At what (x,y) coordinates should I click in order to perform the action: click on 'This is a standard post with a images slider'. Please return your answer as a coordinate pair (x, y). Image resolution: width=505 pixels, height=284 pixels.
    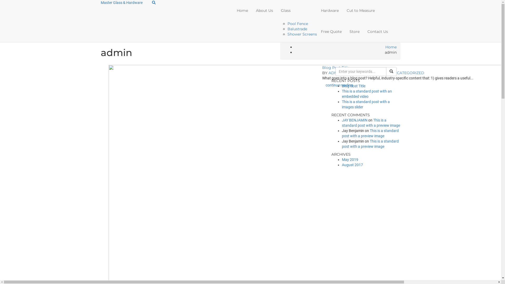
    Looking at the image, I should click on (366, 104).